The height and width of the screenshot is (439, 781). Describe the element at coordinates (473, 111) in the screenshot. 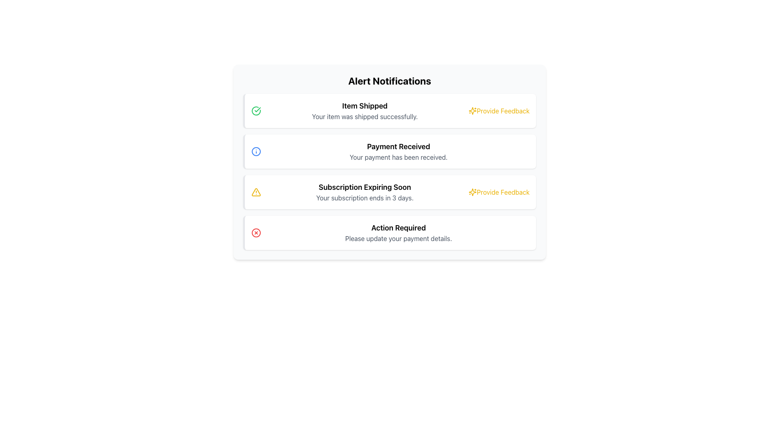

I see `the decorative icon associated with the 'Provide Feedback' option for the 'Subscription Expiring Soon' alert located to the right of the alert entry within the 'Alert Notifications' panel` at that location.